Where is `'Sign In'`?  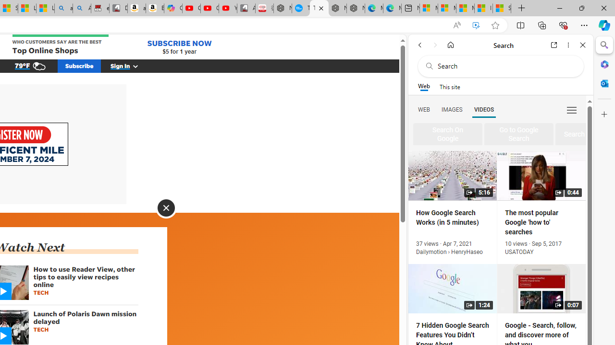
'Sign In' is located at coordinates (129, 65).